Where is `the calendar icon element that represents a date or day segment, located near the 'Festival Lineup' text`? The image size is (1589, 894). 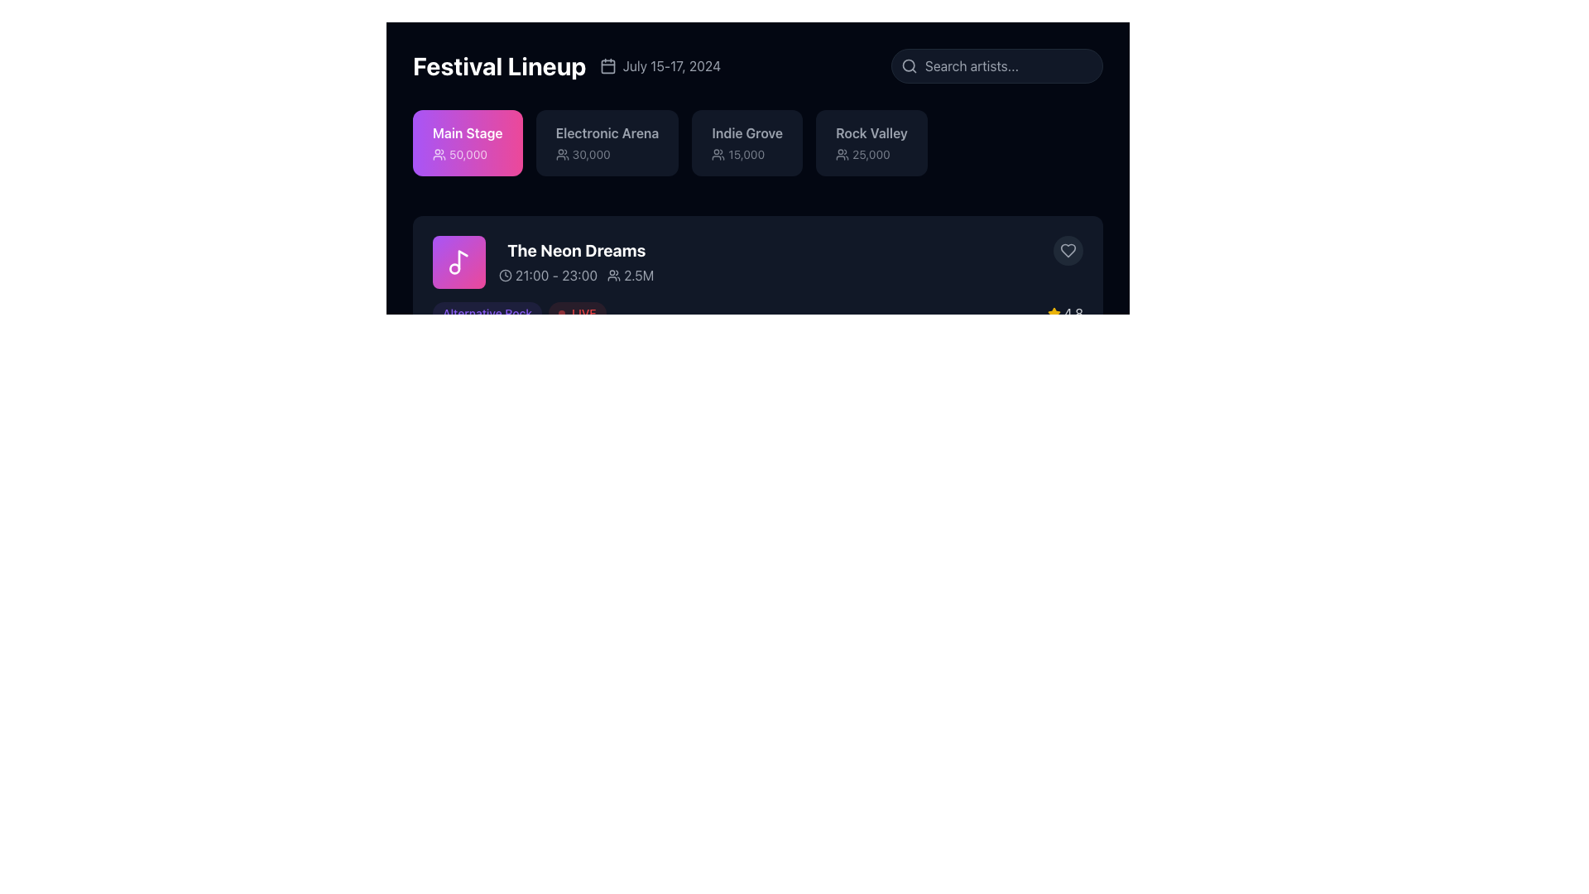 the calendar icon element that represents a date or day segment, located near the 'Festival Lineup' text is located at coordinates (607, 65).